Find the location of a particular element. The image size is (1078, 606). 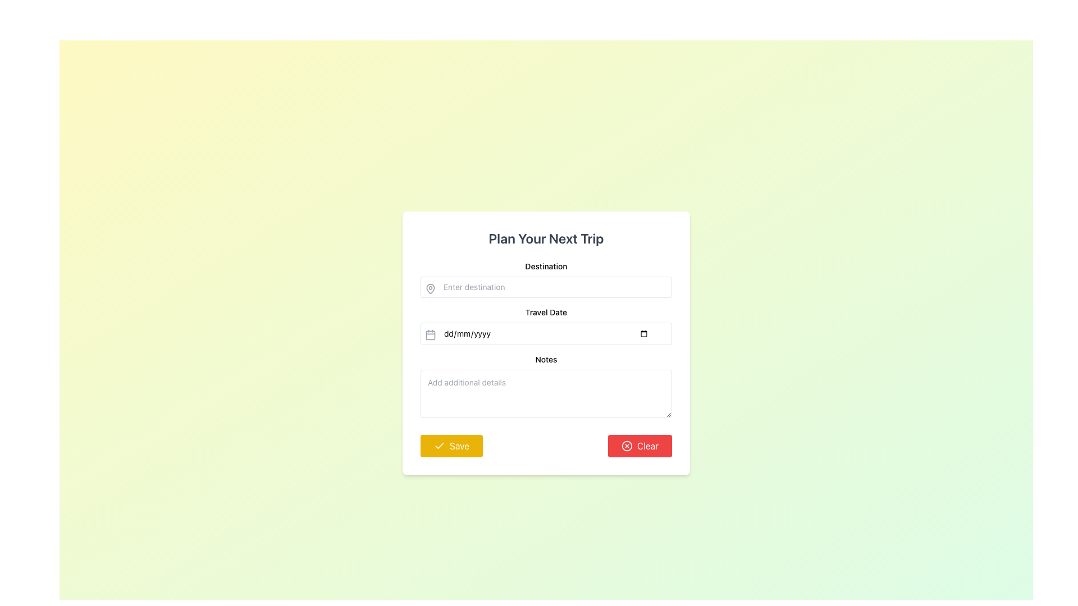

the pin or map marker icon located to the left of the 'Enter destination' text input field within the 'Plan Your Next Trip' form is located at coordinates (430, 288).